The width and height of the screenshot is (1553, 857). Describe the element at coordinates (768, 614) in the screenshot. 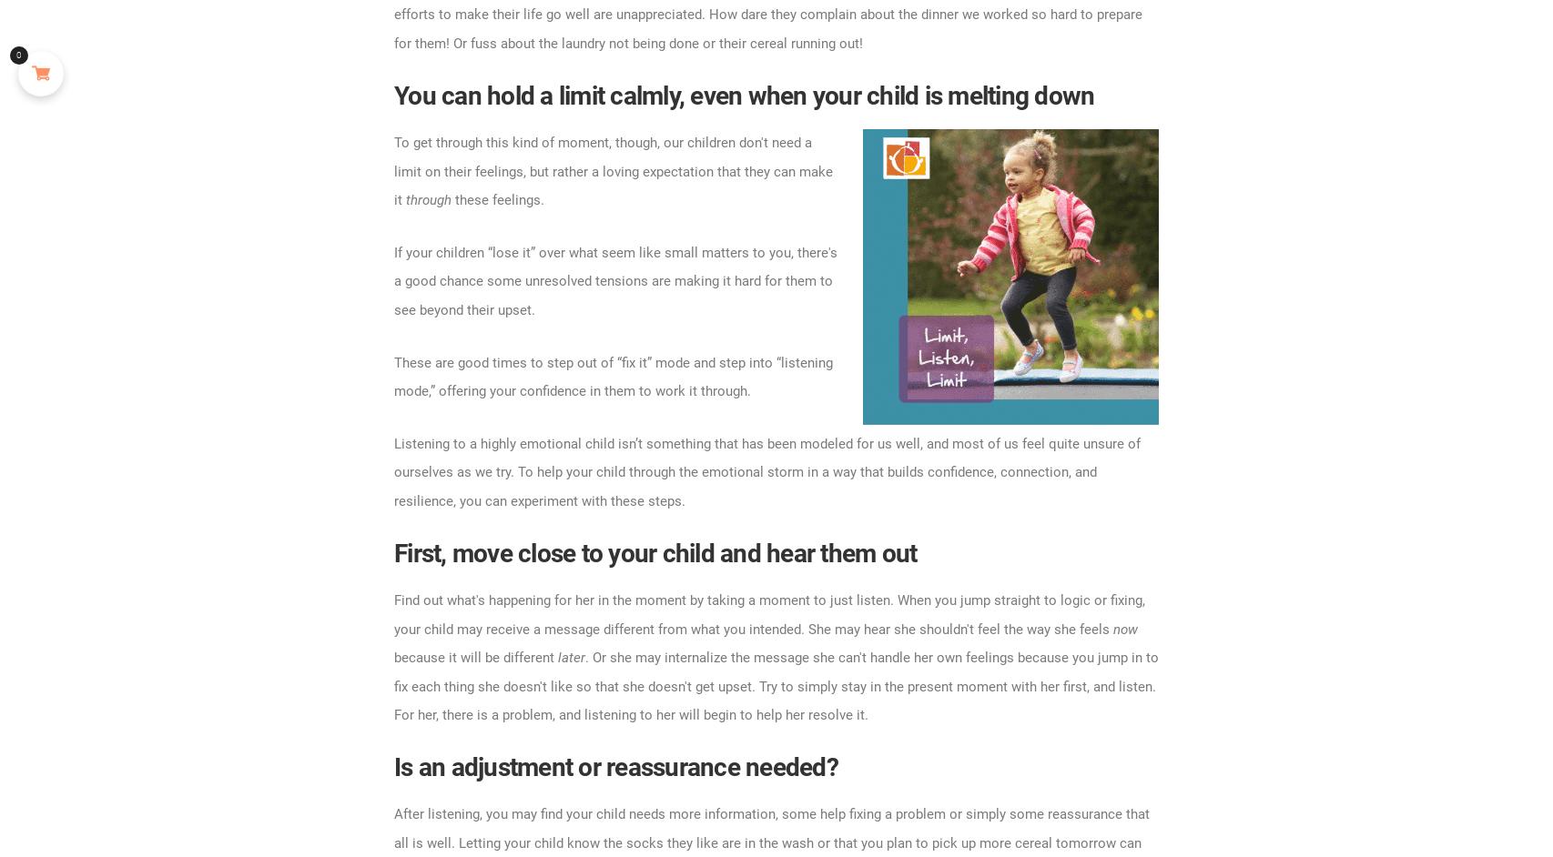

I see `'Find out what's happening for her in the moment by taking a moment to just listen. When you jump straight to logic or fixing, your child may receive a message different from what you intended. She may hear she shouldn't feel the way she feels'` at that location.